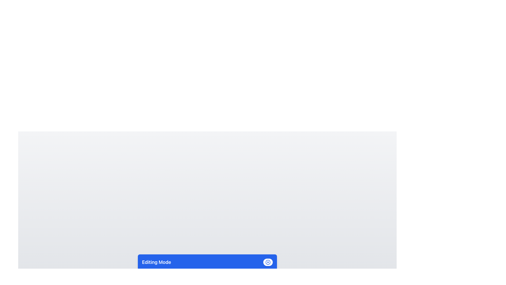 This screenshot has height=285, width=506. I want to click on the circular icon with a visible cross in the center, located on the far right of the rectangular blue button labeled 'Editing Mode', so click(268, 262).